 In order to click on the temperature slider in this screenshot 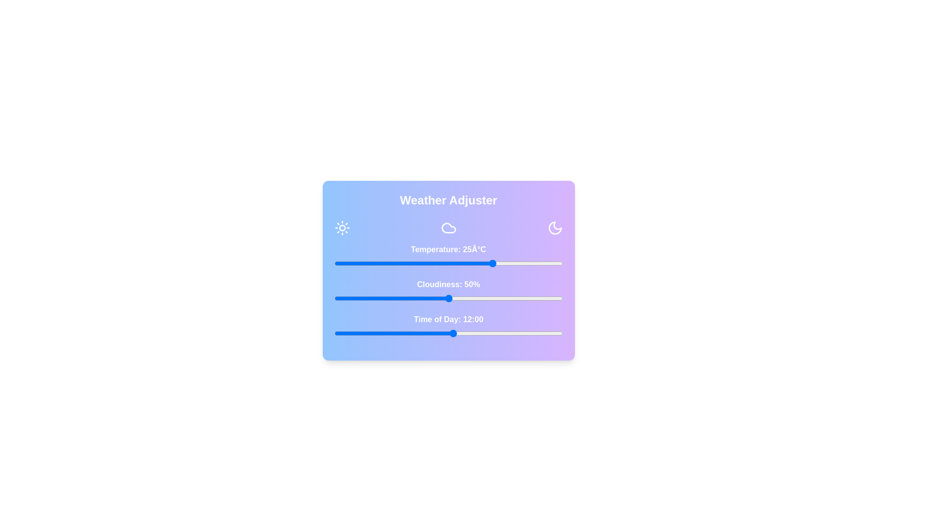, I will do `click(375, 263)`.